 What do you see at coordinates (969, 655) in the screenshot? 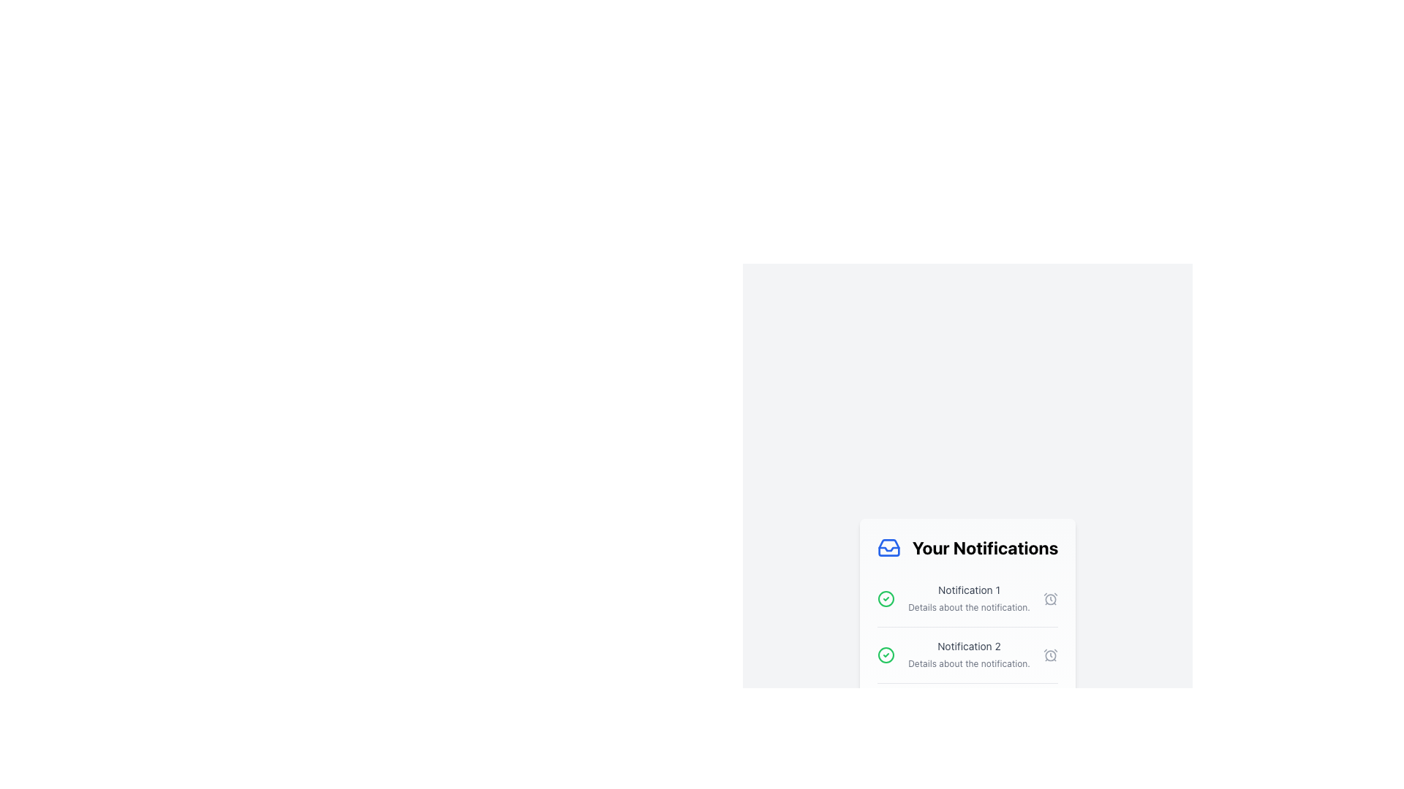
I see `the notification label that displays 'Notification 2' and its details in a modern sans-serif font, positioned as the second item in 'Your Notifications'` at bounding box center [969, 655].